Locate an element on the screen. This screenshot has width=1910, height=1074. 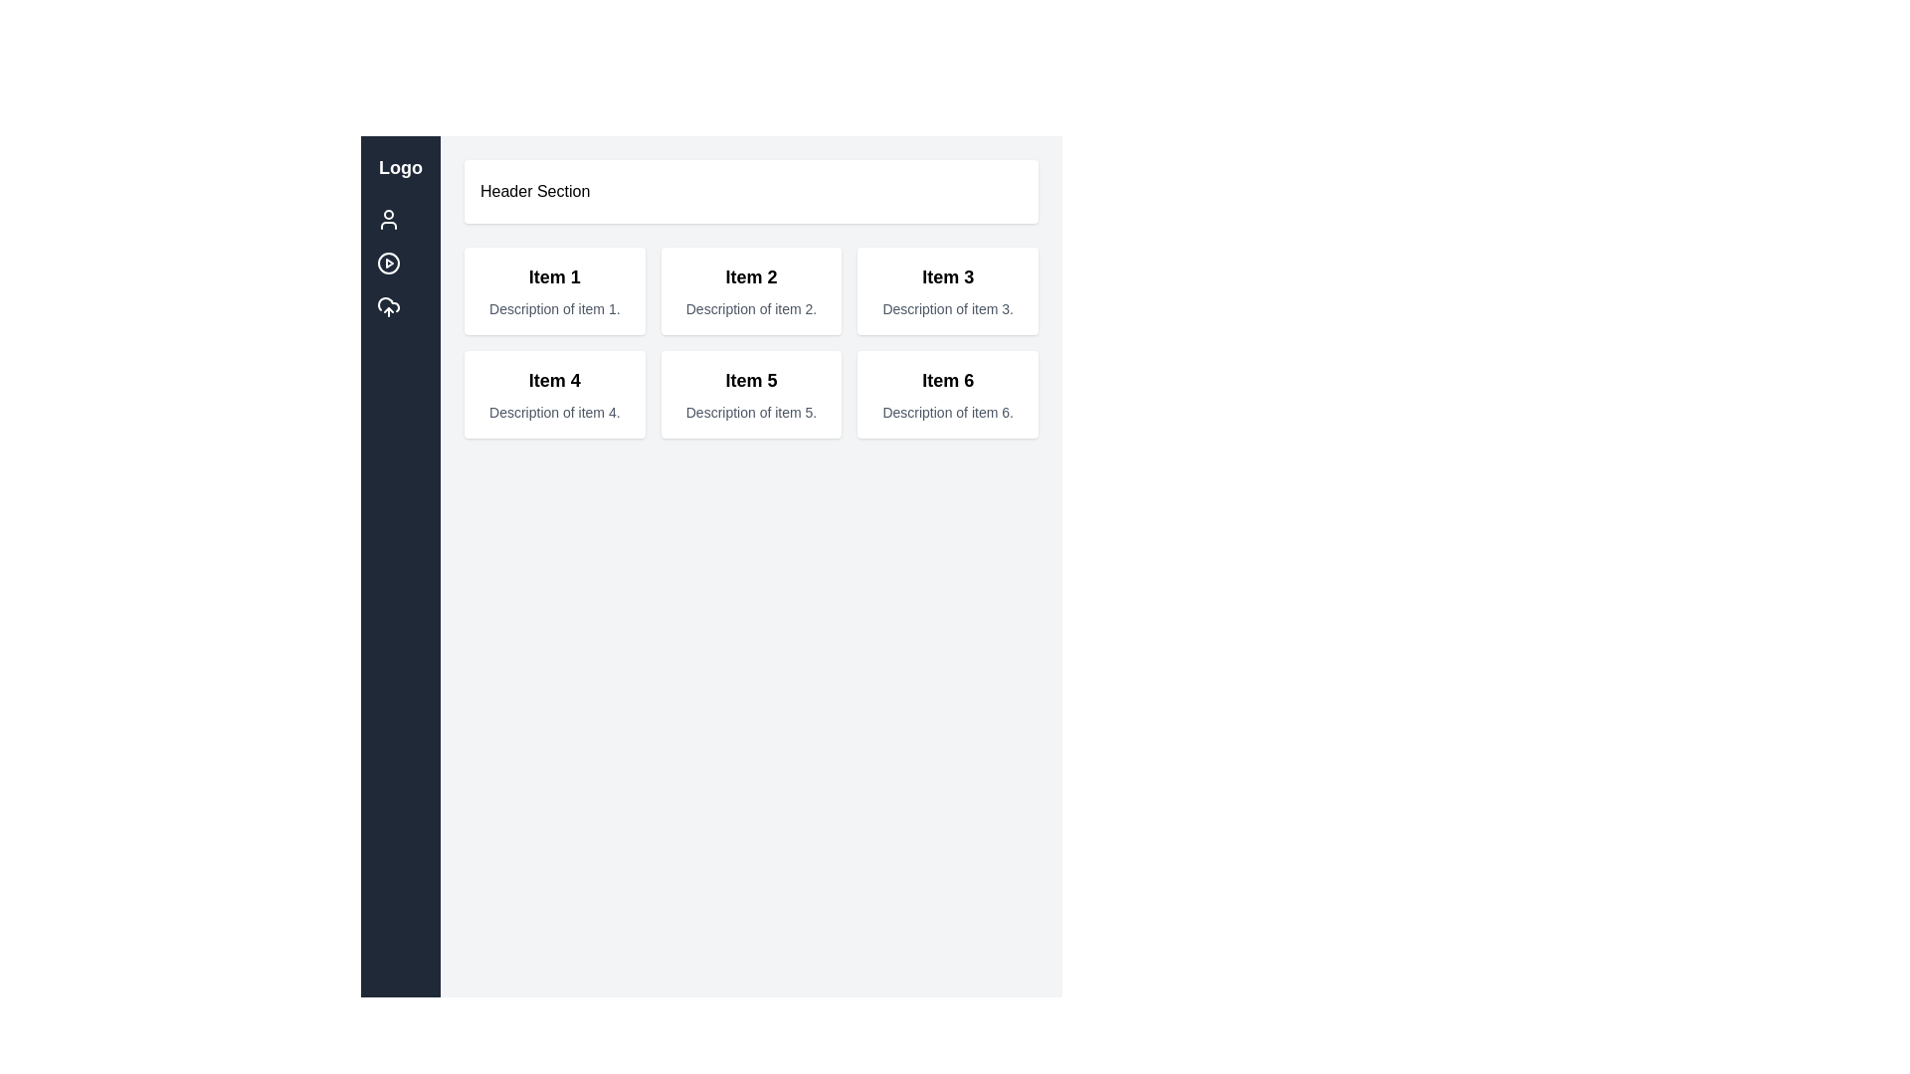
the text label displaying 'Description of item 1.' located beneath the 'Item 1' heading in the first card of the grid layout is located at coordinates (554, 309).